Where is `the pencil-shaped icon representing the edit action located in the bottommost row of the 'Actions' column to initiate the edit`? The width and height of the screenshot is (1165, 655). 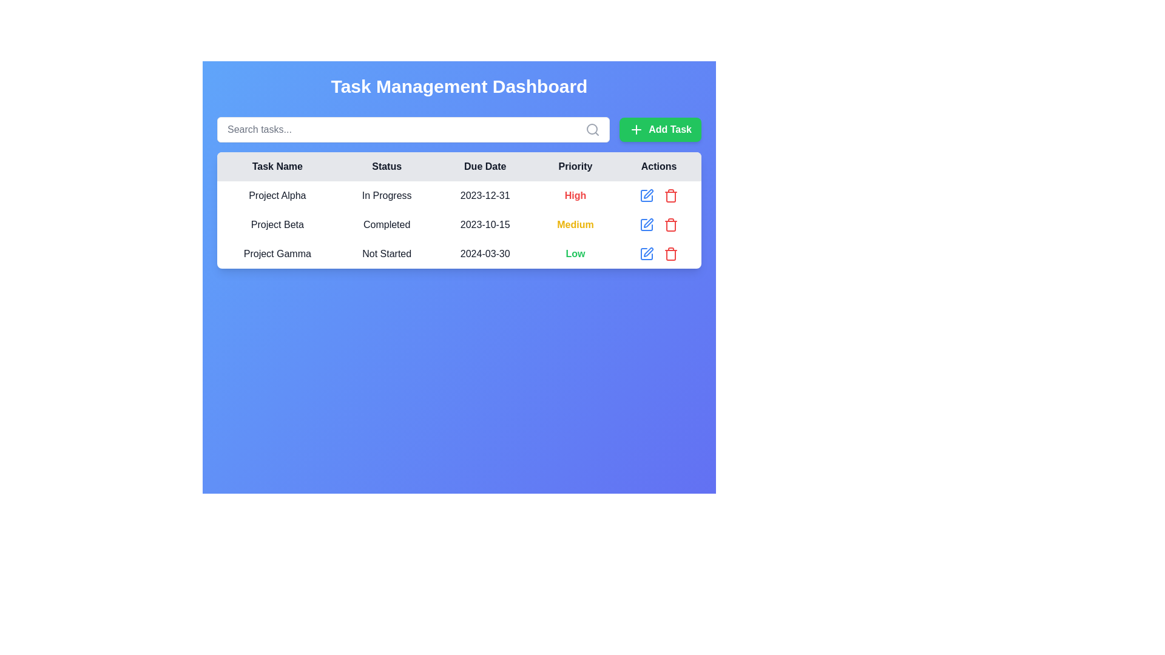
the pencil-shaped icon representing the edit action located in the bottommost row of the 'Actions' column to initiate the edit is located at coordinates (648, 252).